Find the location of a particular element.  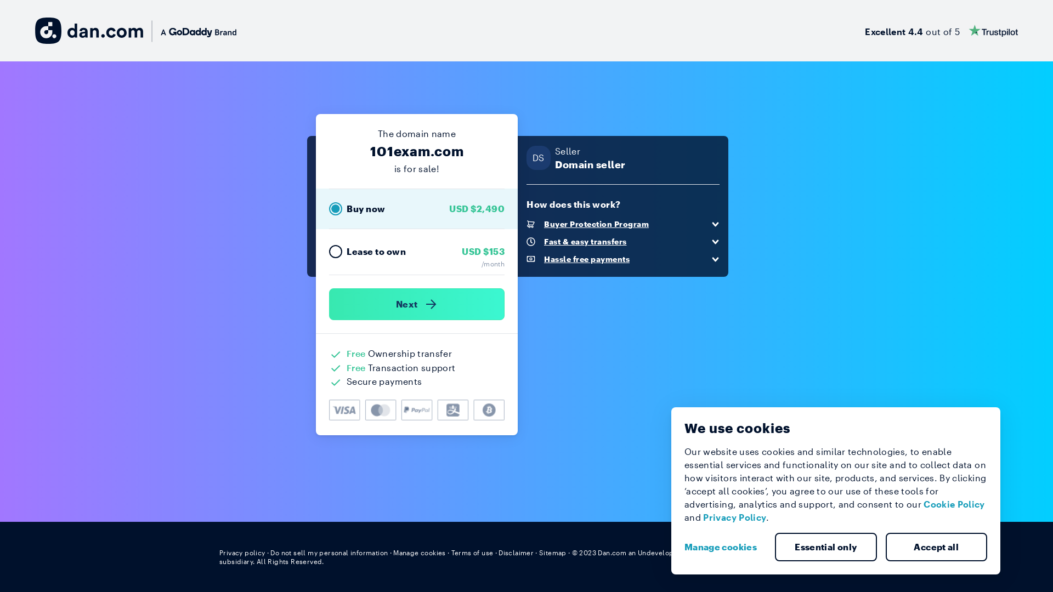

'Next is located at coordinates (416, 304).